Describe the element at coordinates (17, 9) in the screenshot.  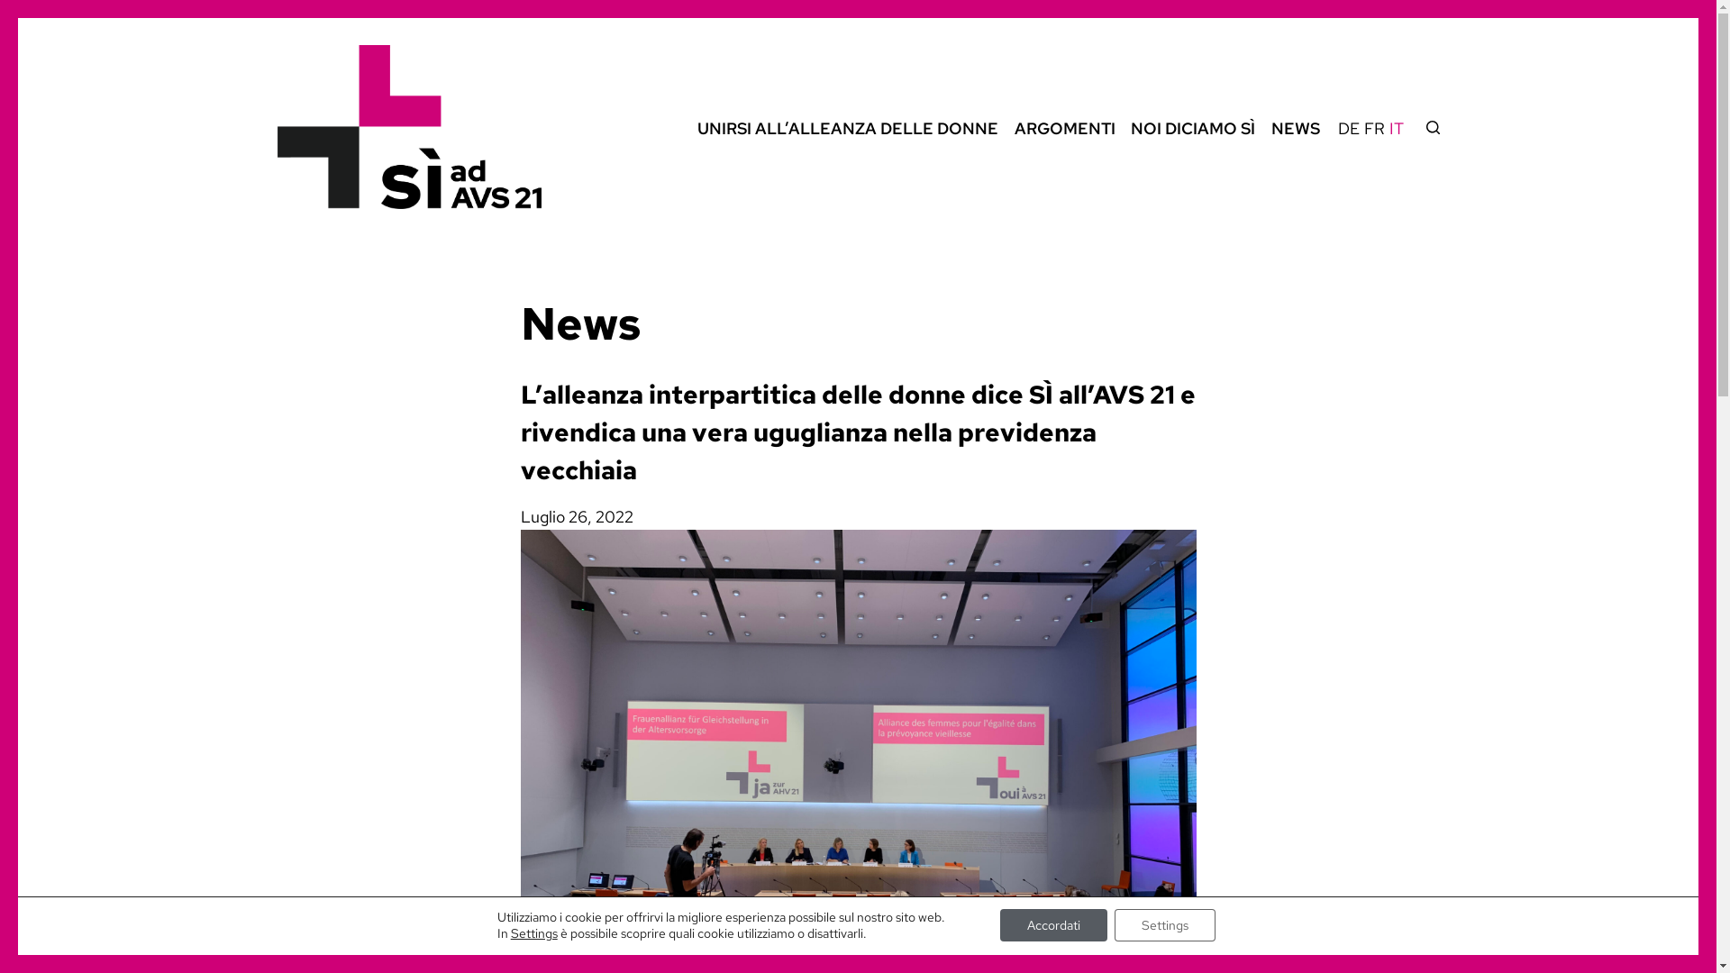
I see `'Skip to content'` at that location.